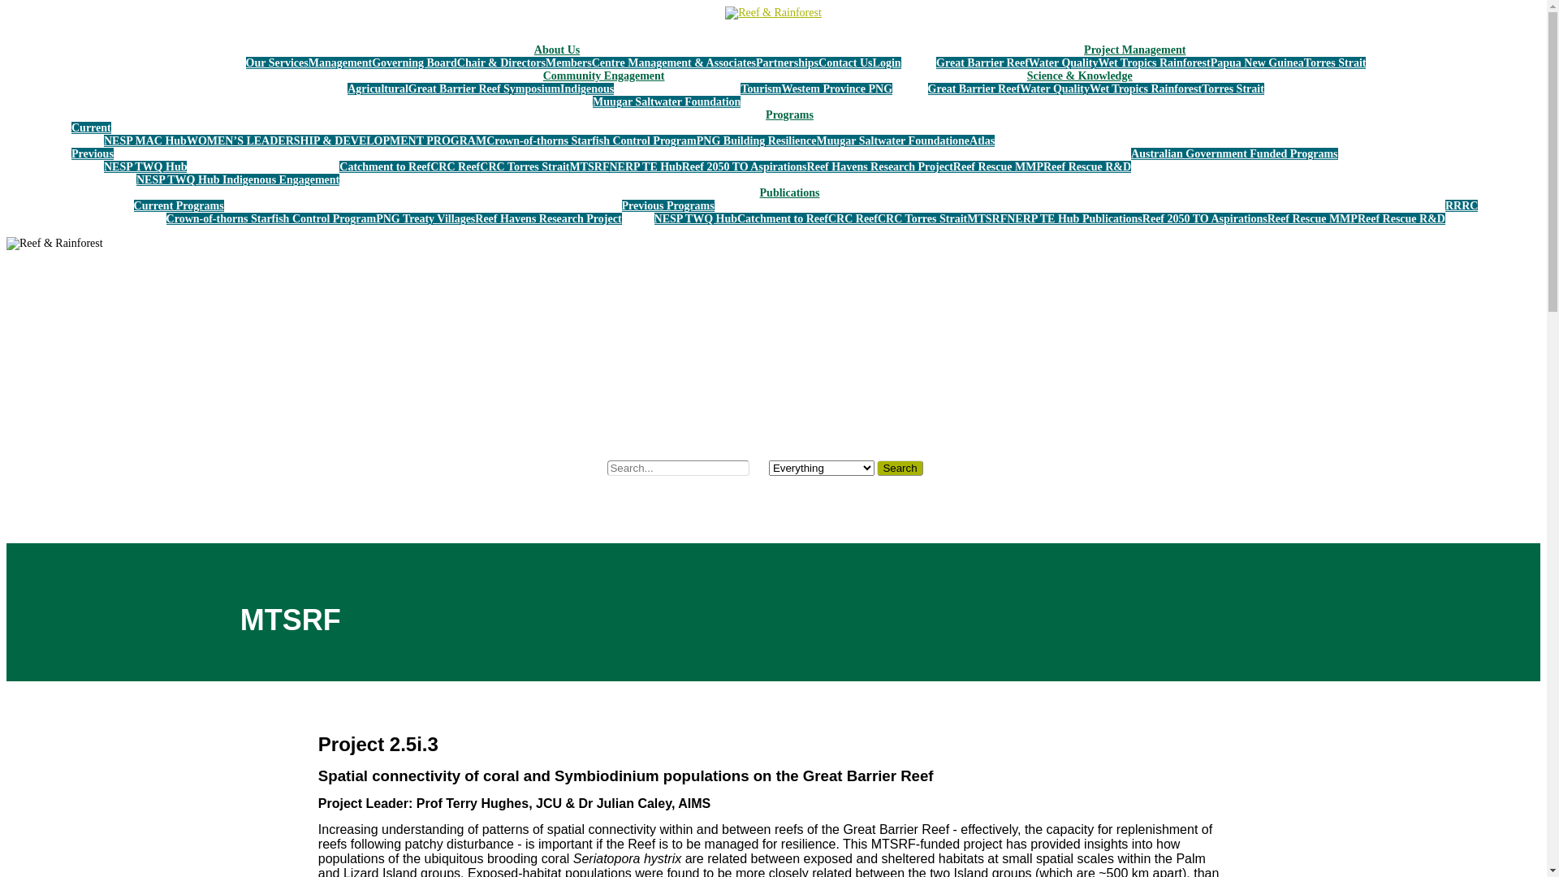  I want to click on 'Current Programs', so click(133, 205).